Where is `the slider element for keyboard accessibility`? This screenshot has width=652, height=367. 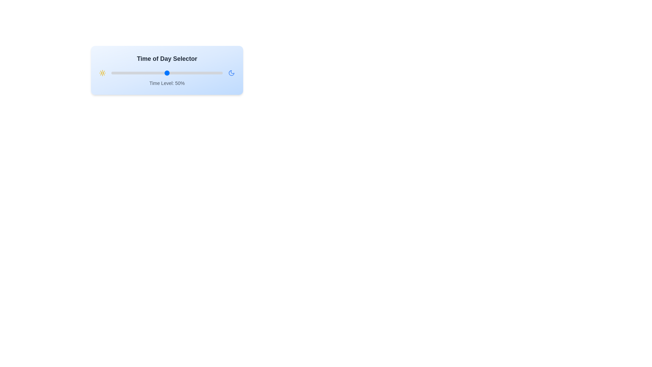 the slider element for keyboard accessibility is located at coordinates (167, 73).